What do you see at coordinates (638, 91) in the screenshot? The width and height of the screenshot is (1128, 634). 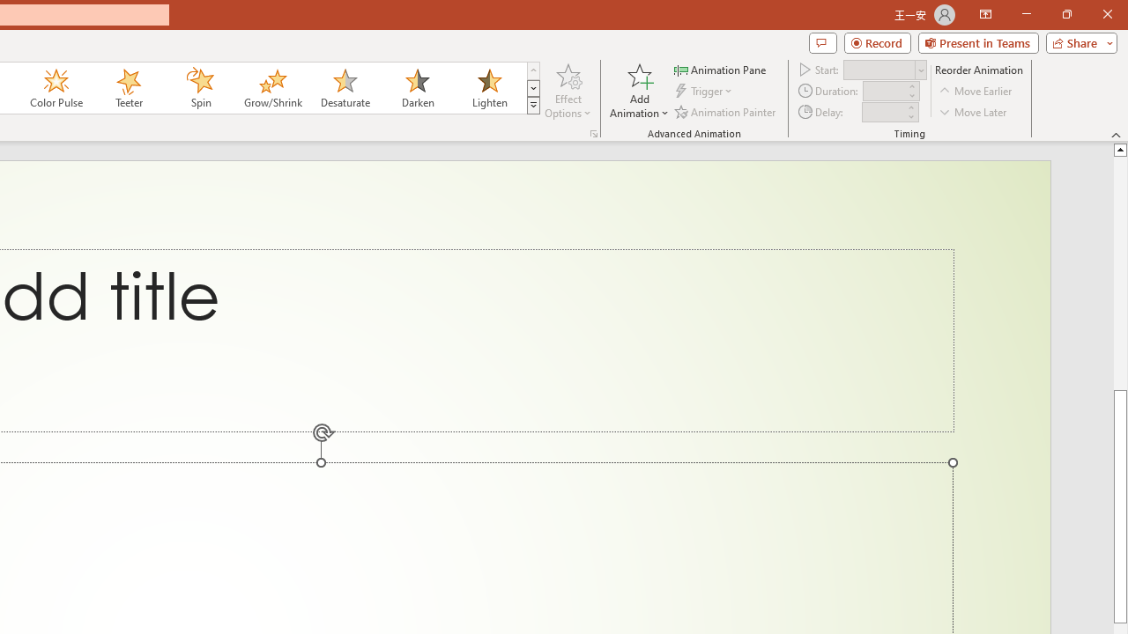 I see `'Add Animation'` at bounding box center [638, 91].